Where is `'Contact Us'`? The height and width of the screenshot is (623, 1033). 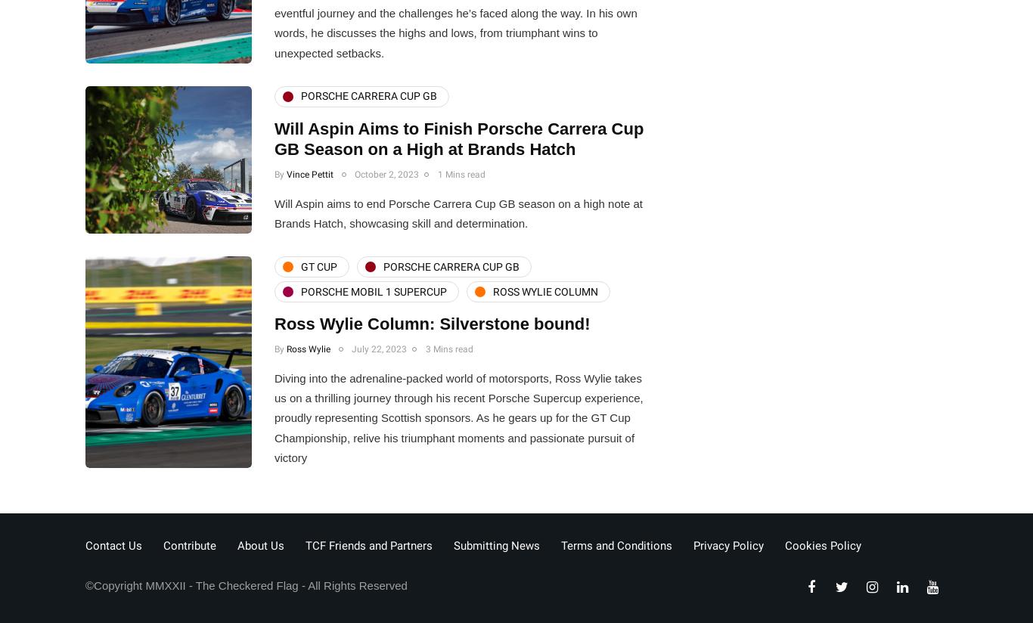 'Contact Us' is located at coordinates (113, 544).